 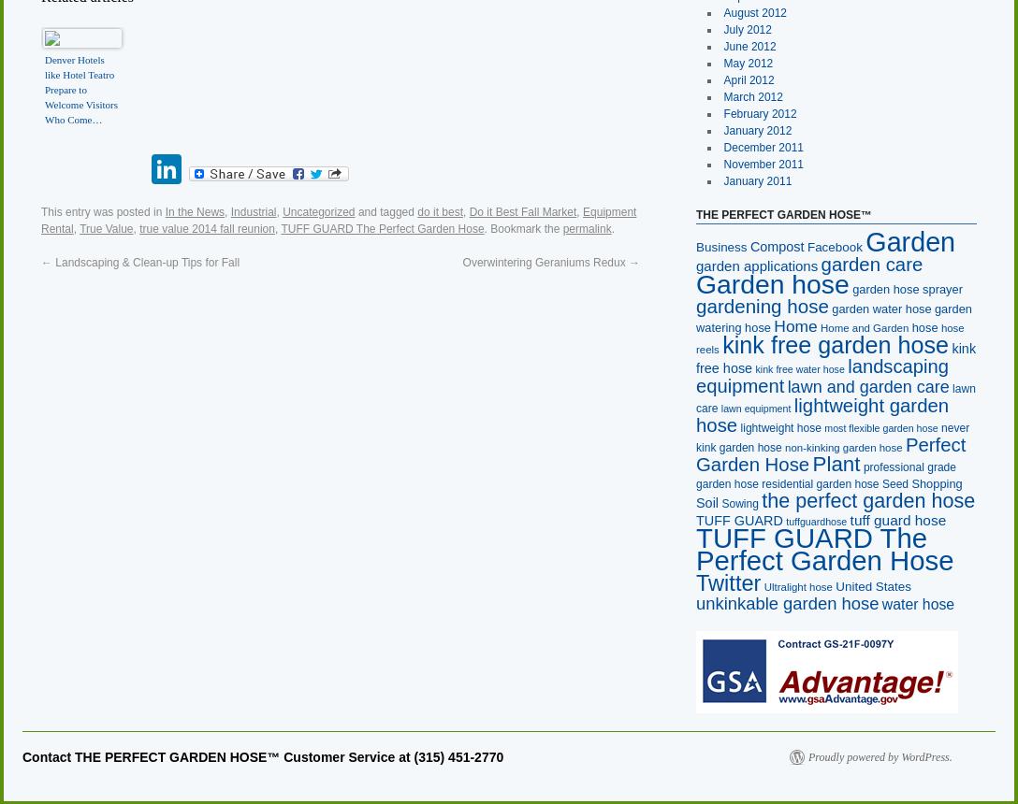 What do you see at coordinates (694, 264) in the screenshot?
I see `'garden applications'` at bounding box center [694, 264].